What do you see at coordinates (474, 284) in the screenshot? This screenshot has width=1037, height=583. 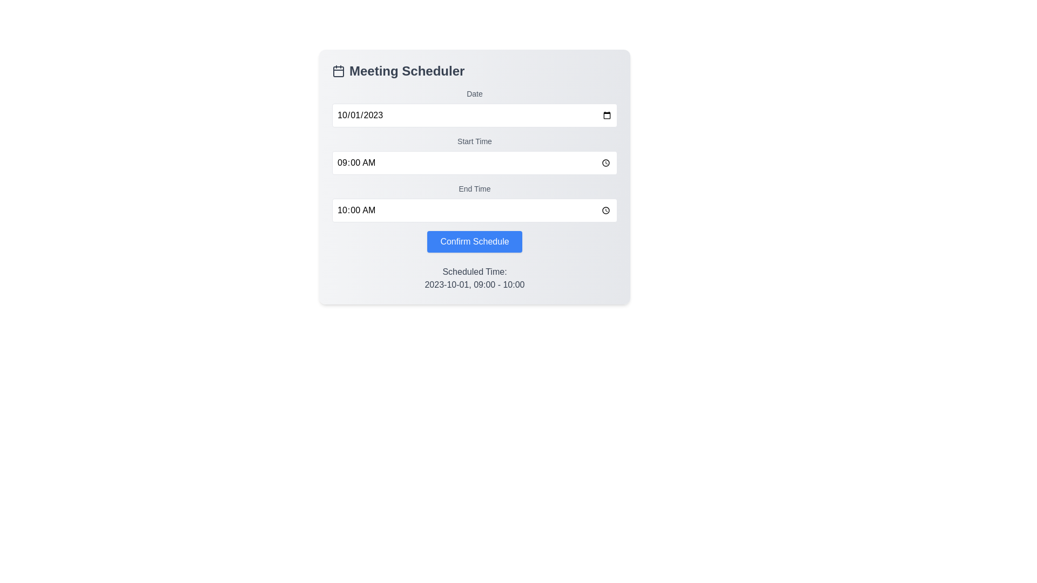 I see `the Text label that displays the scheduled date and time for an event, which is positioned centrally below the 'Scheduled Time:' label` at bounding box center [474, 284].